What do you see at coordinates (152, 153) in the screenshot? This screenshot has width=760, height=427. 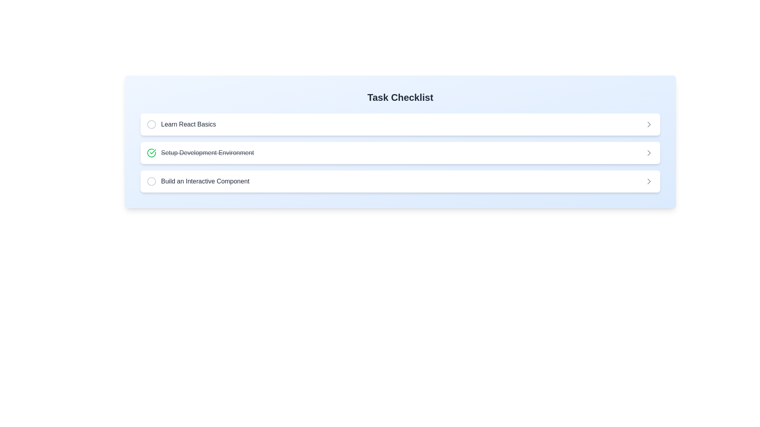 I see `the green circular check mark icon indicating a completed task, located next to the strikethrough text 'Setup Development Environment' in the checklist for tooltip or additional information` at bounding box center [152, 153].